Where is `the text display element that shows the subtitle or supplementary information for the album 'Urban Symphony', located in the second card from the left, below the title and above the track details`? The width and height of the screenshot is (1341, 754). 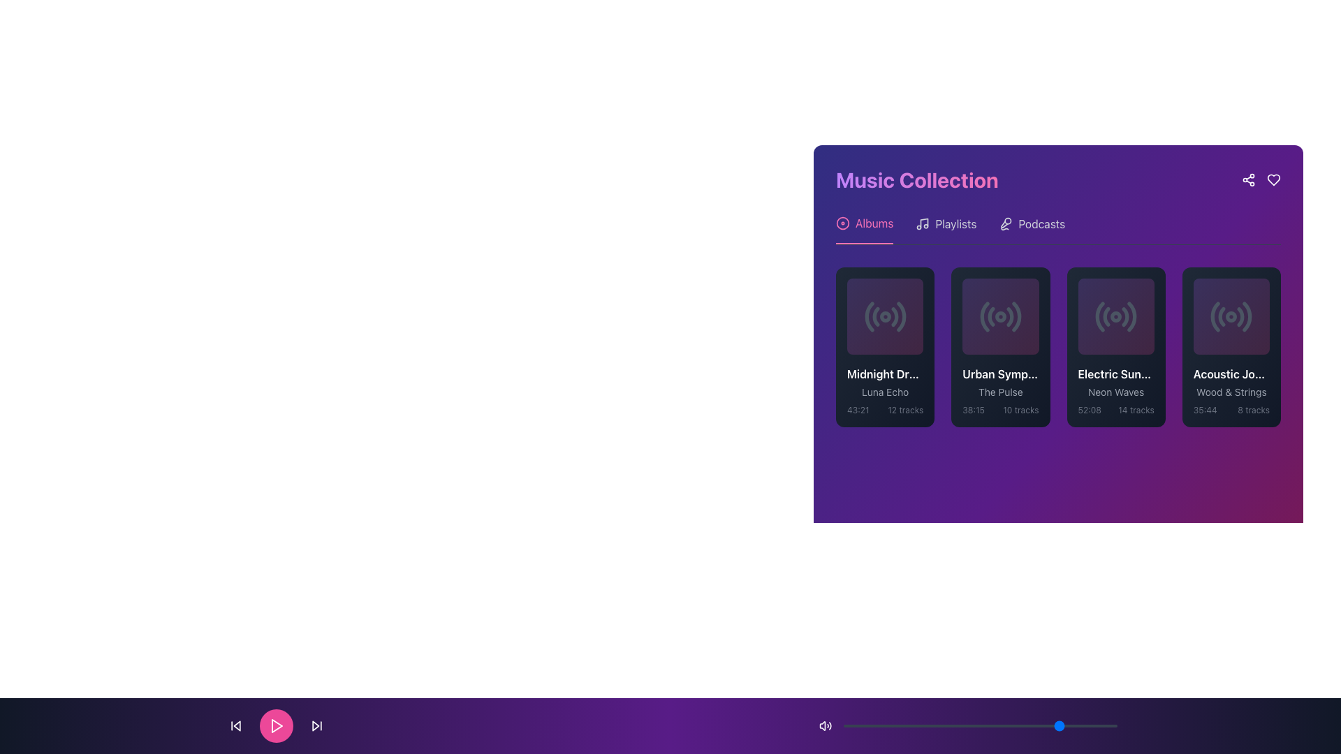
the text display element that shows the subtitle or supplementary information for the album 'Urban Symphony', located in the second card from the left, below the title and above the track details is located at coordinates (999, 392).